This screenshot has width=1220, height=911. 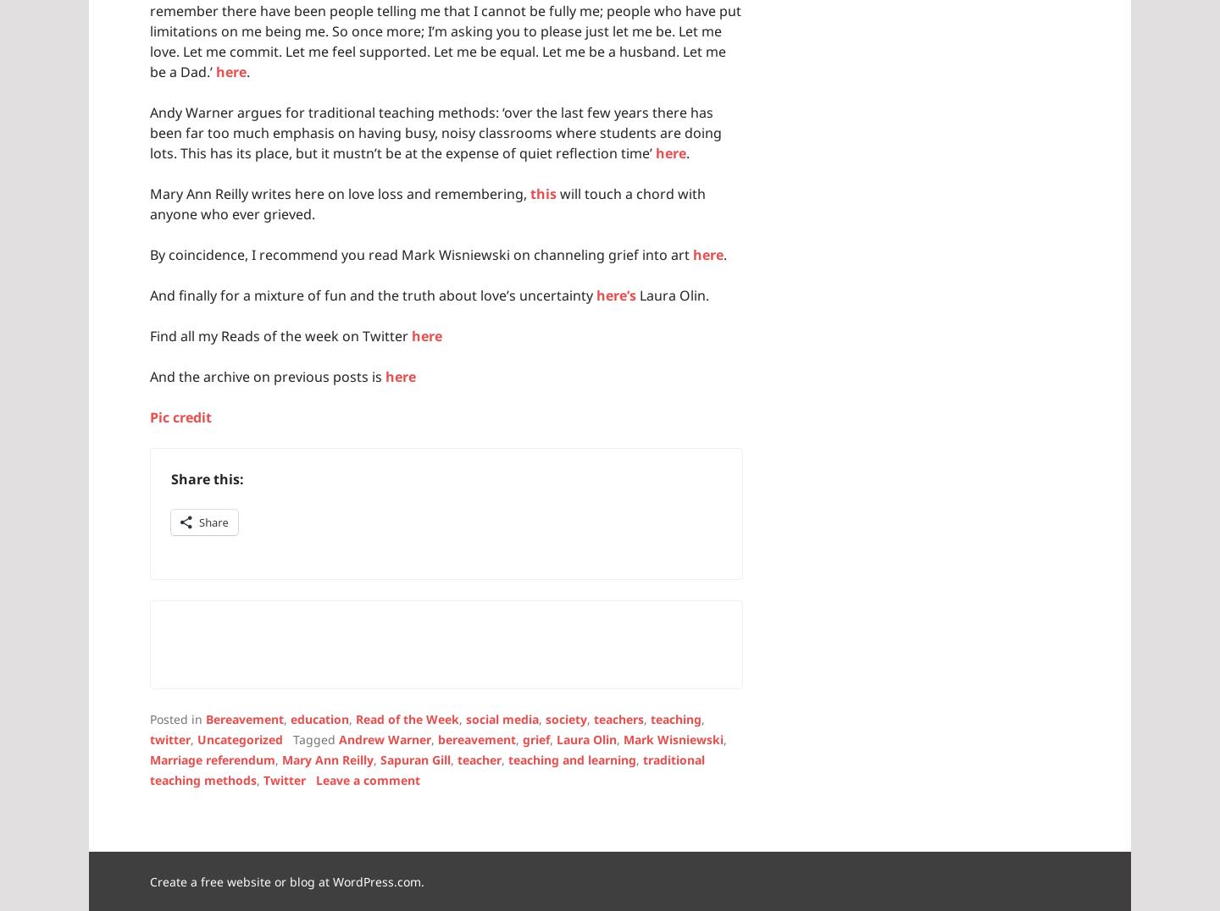 I want to click on 'teacher', so click(x=480, y=759).